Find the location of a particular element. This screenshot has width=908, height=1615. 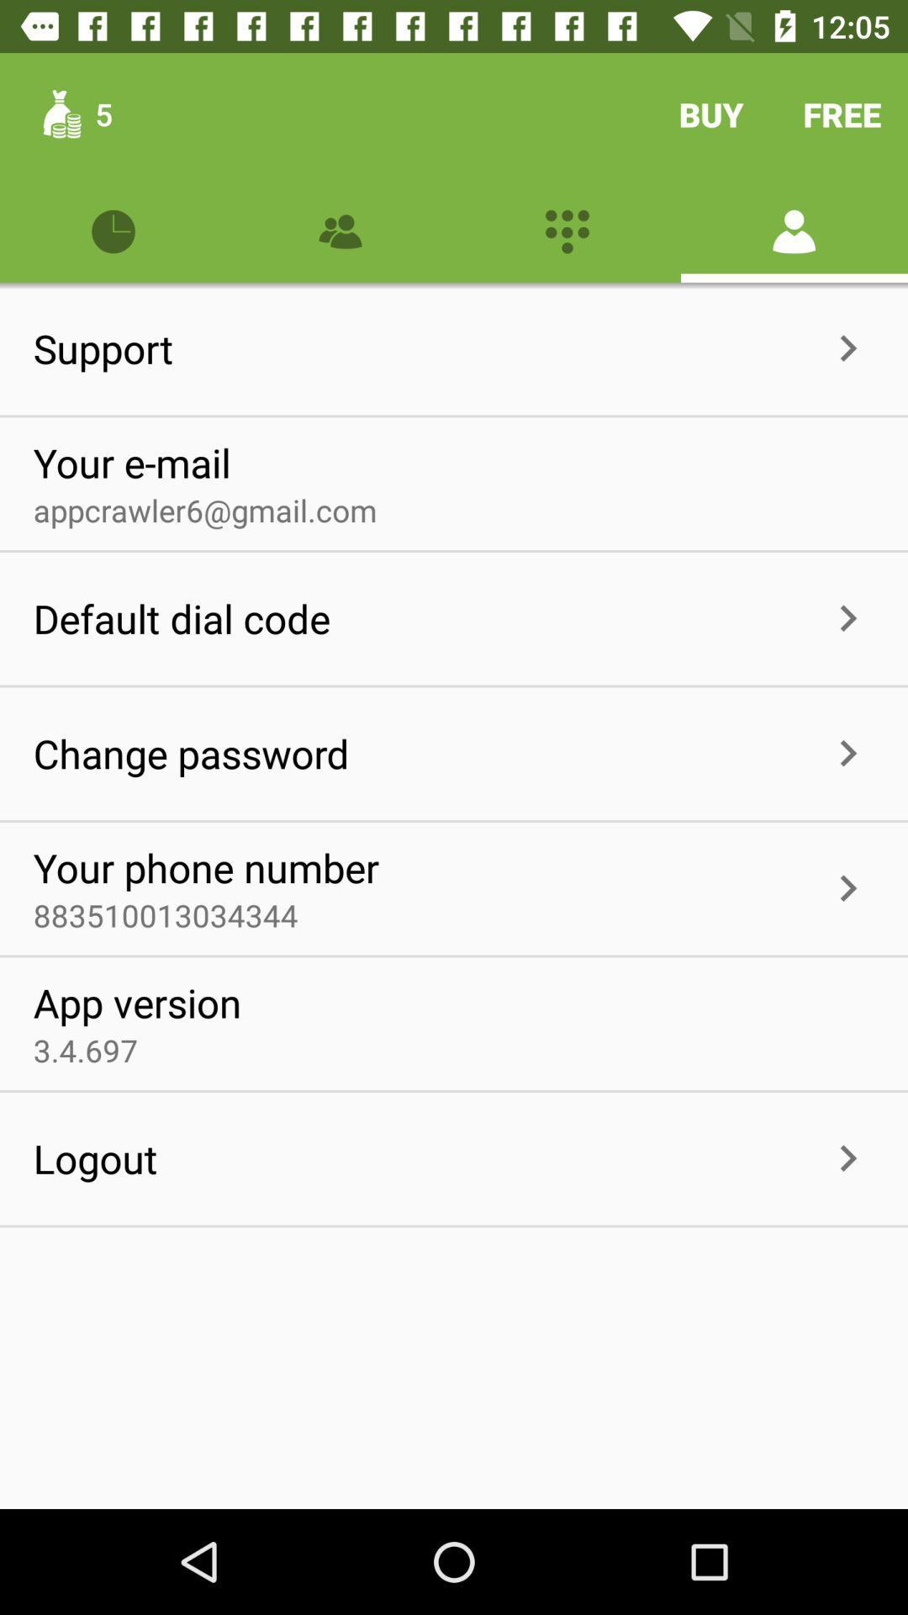

item next to the buy is located at coordinates (842, 114).